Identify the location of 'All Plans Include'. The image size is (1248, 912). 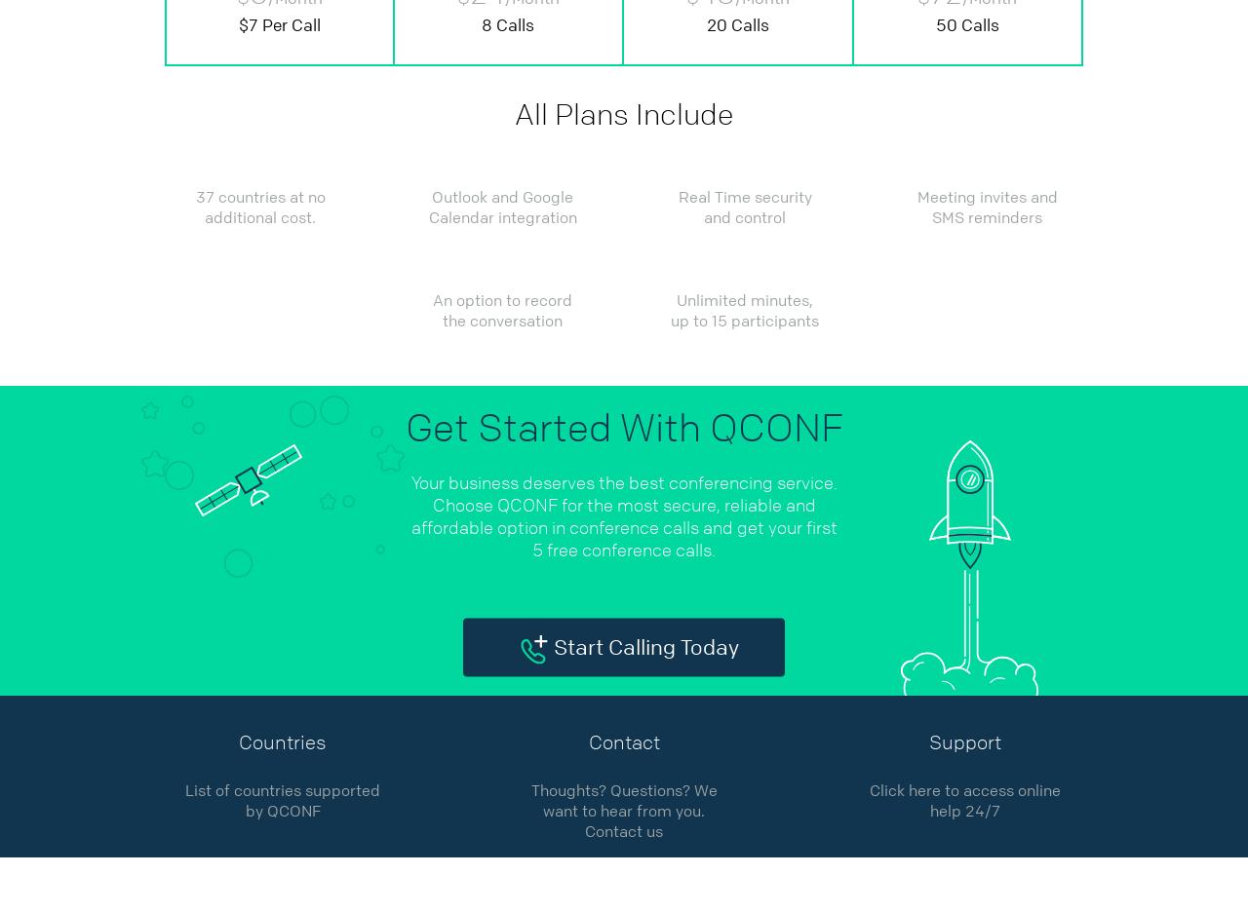
(622, 115).